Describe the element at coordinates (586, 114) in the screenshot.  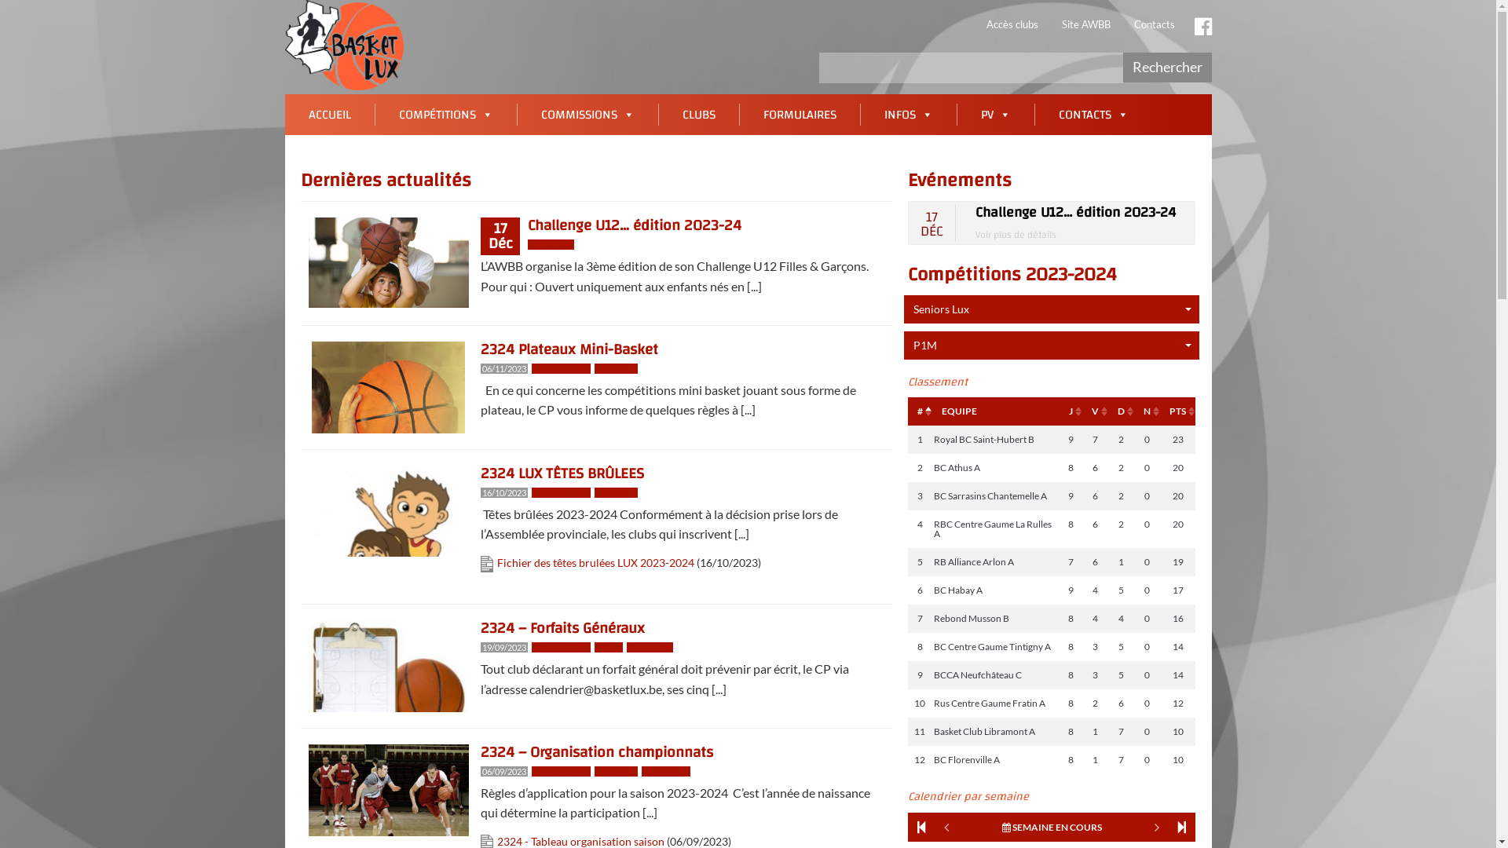
I see `'COMMISSIONS'` at that location.